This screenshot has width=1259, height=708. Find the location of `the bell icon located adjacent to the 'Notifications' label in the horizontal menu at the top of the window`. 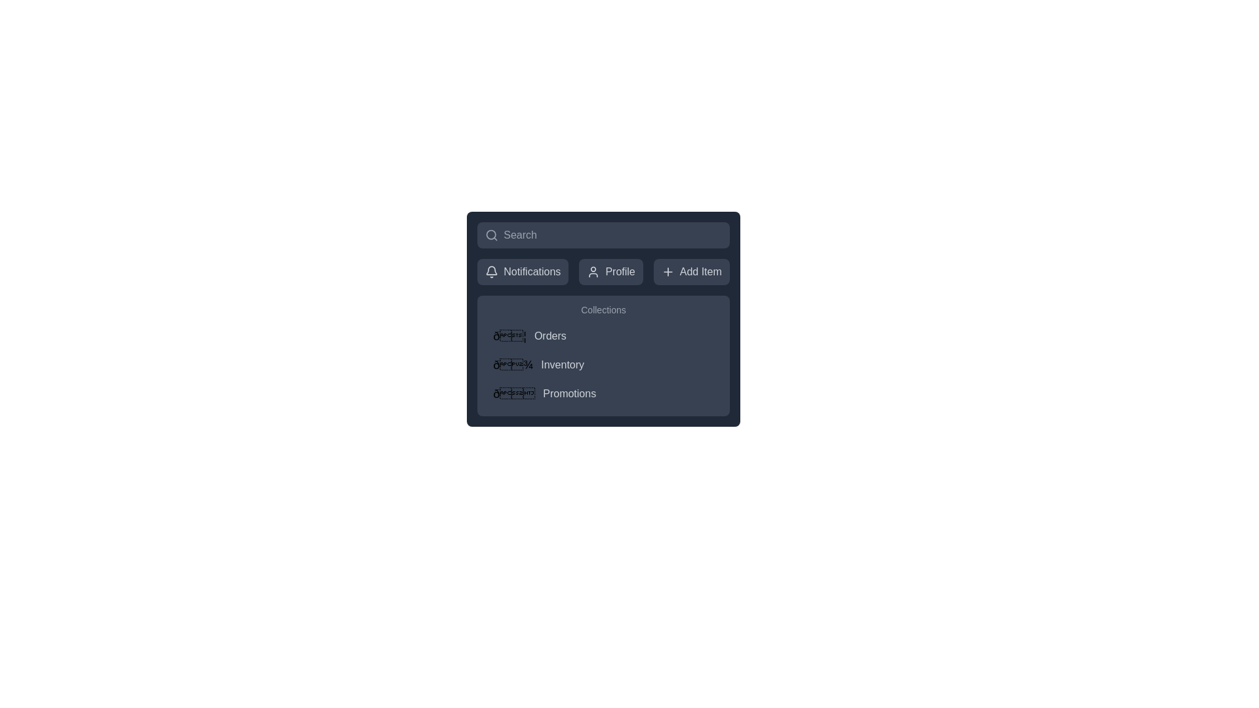

the bell icon located adjacent to the 'Notifications' label in the horizontal menu at the top of the window is located at coordinates (491, 271).